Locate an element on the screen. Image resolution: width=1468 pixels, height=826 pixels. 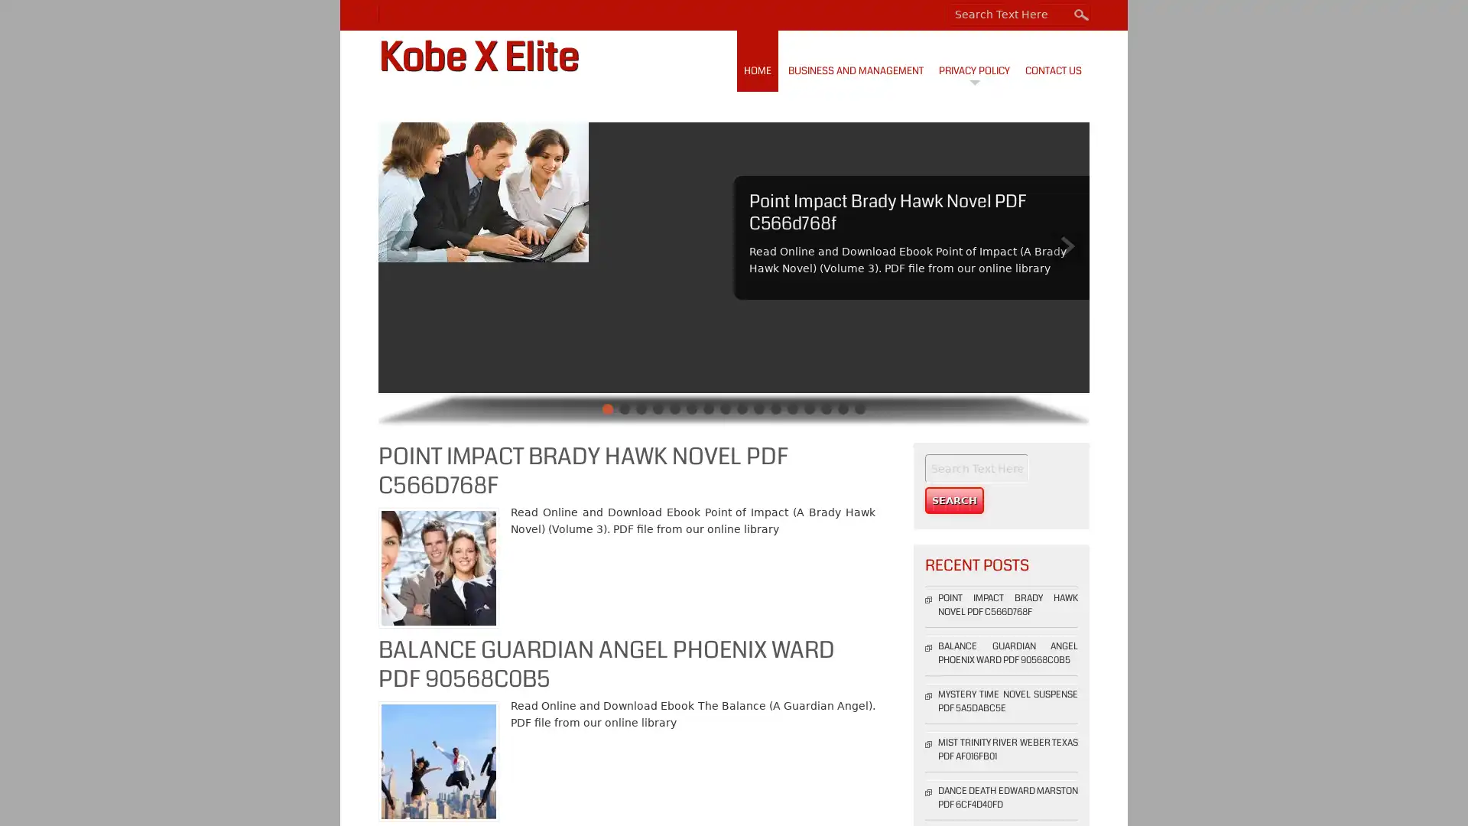
Search is located at coordinates (953, 500).